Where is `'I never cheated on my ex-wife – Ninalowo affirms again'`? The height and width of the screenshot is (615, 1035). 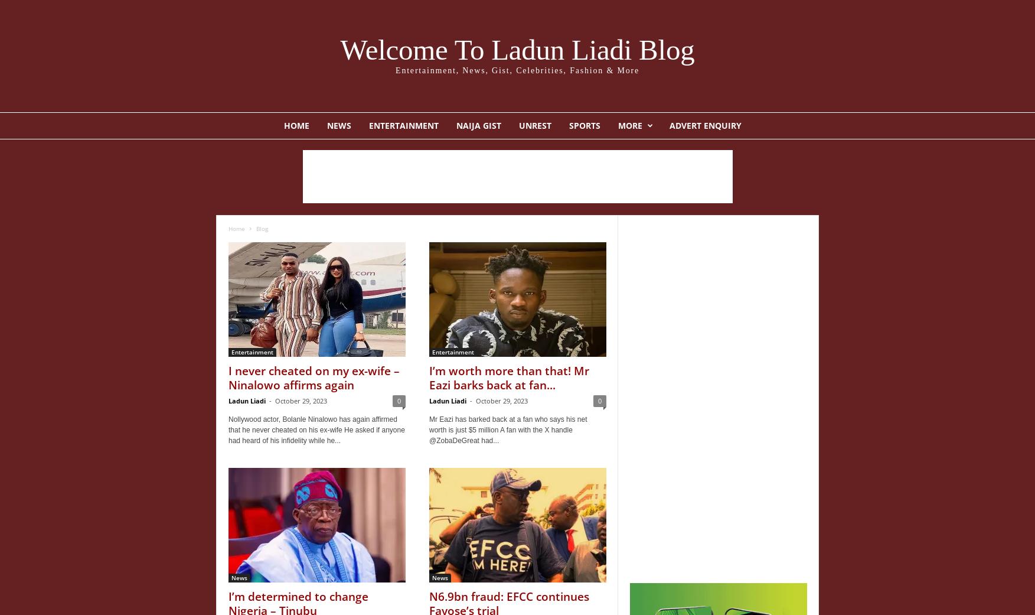
'I never cheated on my ex-wife – Ninalowo affirms again' is located at coordinates (314, 378).